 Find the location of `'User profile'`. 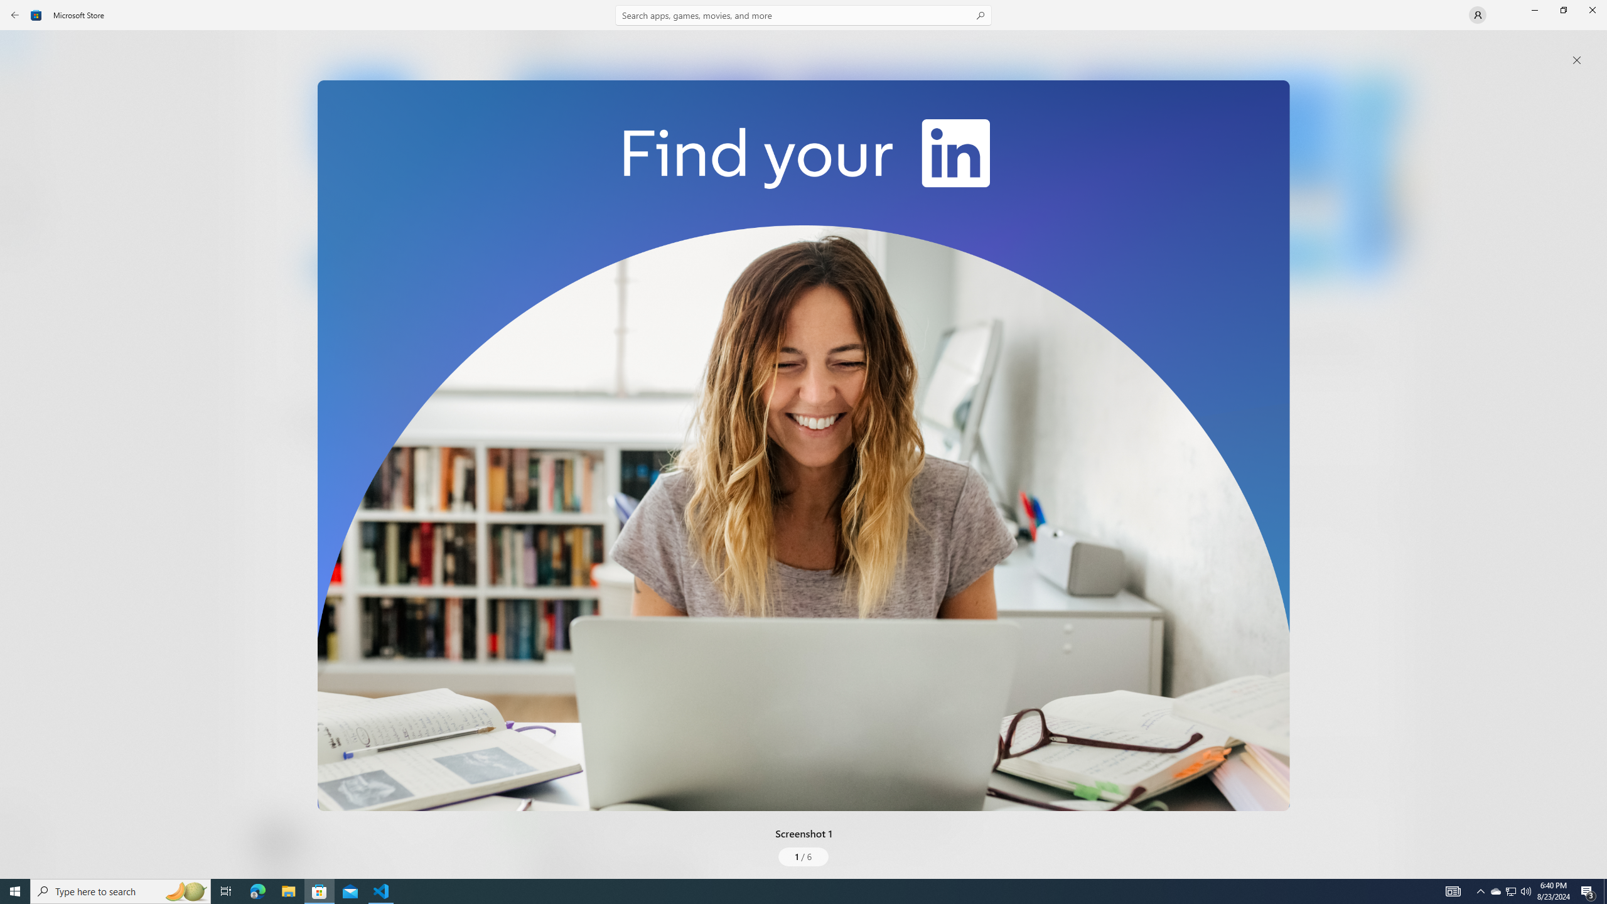

'User profile' is located at coordinates (1476, 14).